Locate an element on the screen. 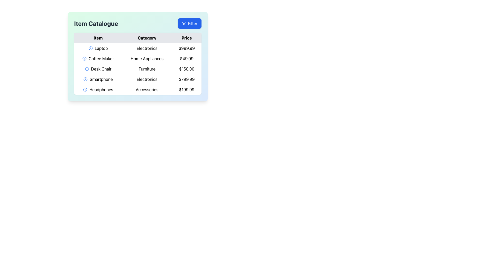  the blue bordered circular outline icon representing additional information beside the 'Smartphone' text in the fourth row of the 'Item Catalogue' section is located at coordinates (86, 79).